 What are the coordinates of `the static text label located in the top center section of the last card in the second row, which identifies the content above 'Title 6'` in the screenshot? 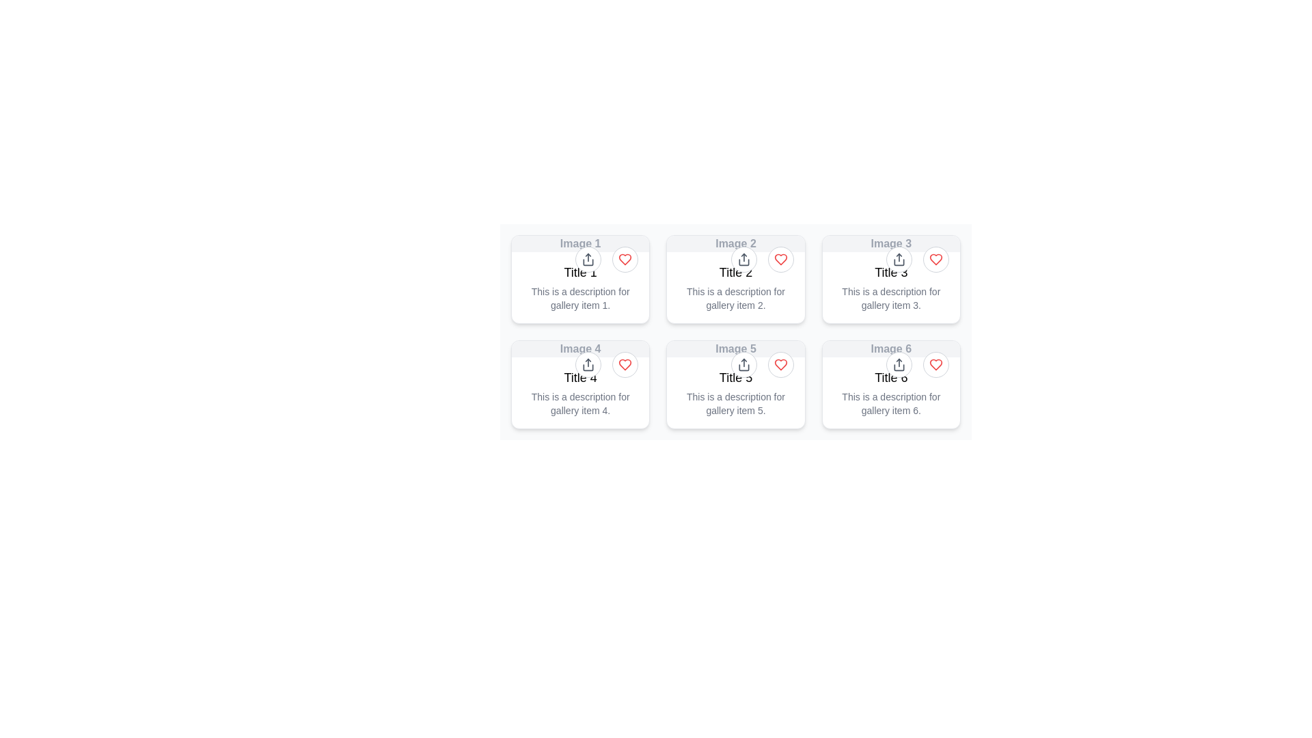 It's located at (891, 348).